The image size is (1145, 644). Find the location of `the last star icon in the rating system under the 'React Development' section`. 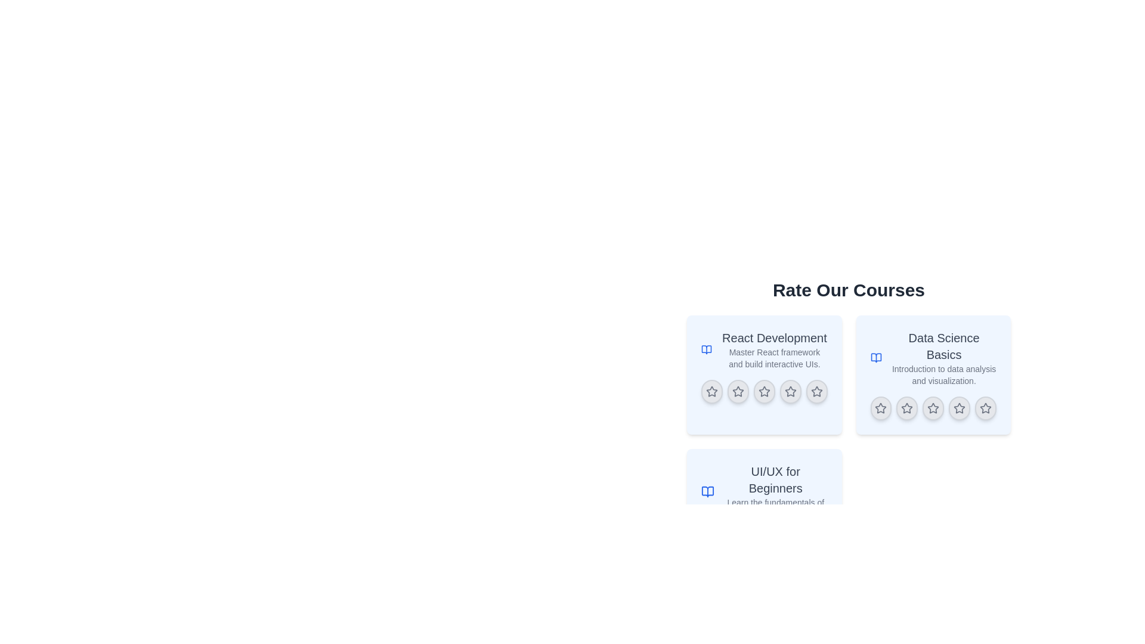

the last star icon in the rating system under the 'React Development' section is located at coordinates (816, 391).